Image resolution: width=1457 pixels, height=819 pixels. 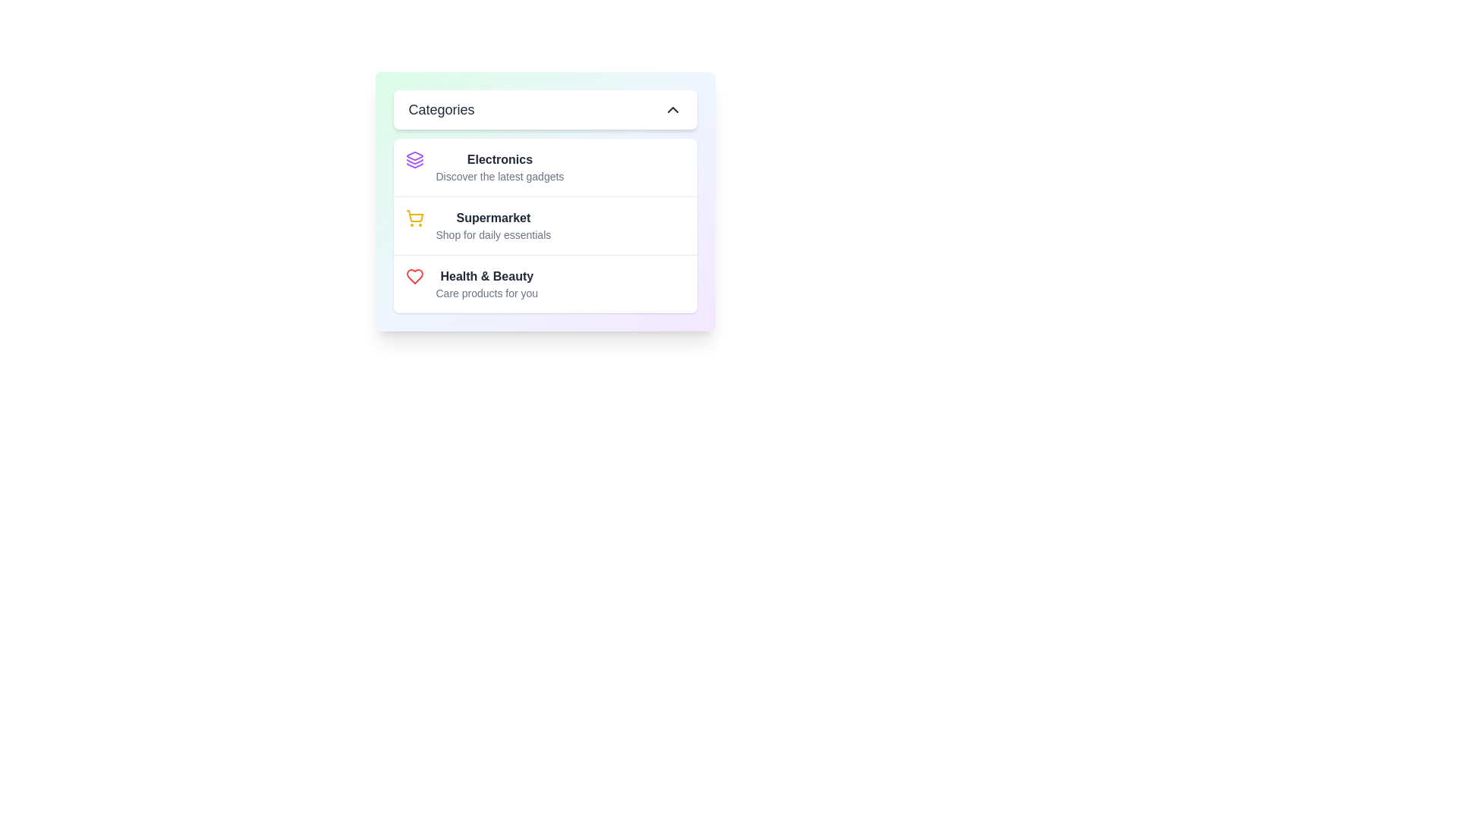 What do you see at coordinates (545, 225) in the screenshot?
I see `textual content of the second navigational option in the list, which is likely related to supermarket products or daily essentials, located between 'Electronics' and 'Health & Beauty'` at bounding box center [545, 225].